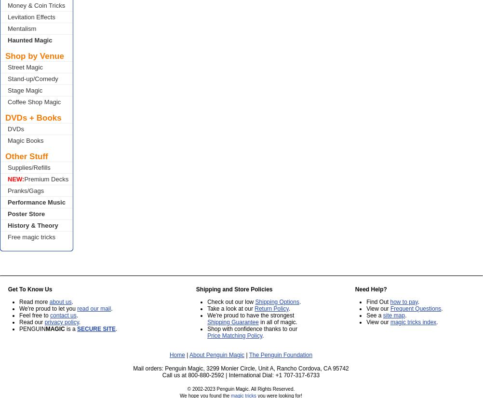  I want to click on 'DVDs + Books', so click(5, 118).